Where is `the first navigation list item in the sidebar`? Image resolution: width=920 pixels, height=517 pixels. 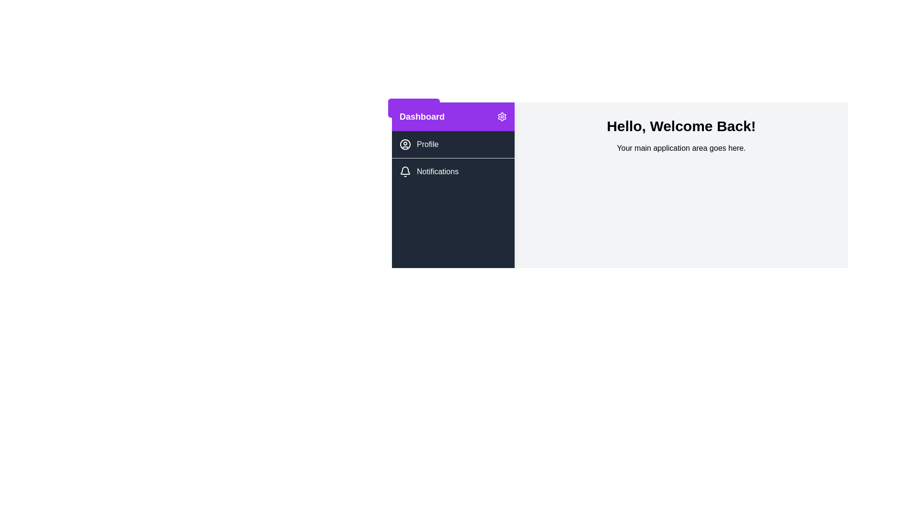
the first navigation list item in the sidebar is located at coordinates (452, 144).